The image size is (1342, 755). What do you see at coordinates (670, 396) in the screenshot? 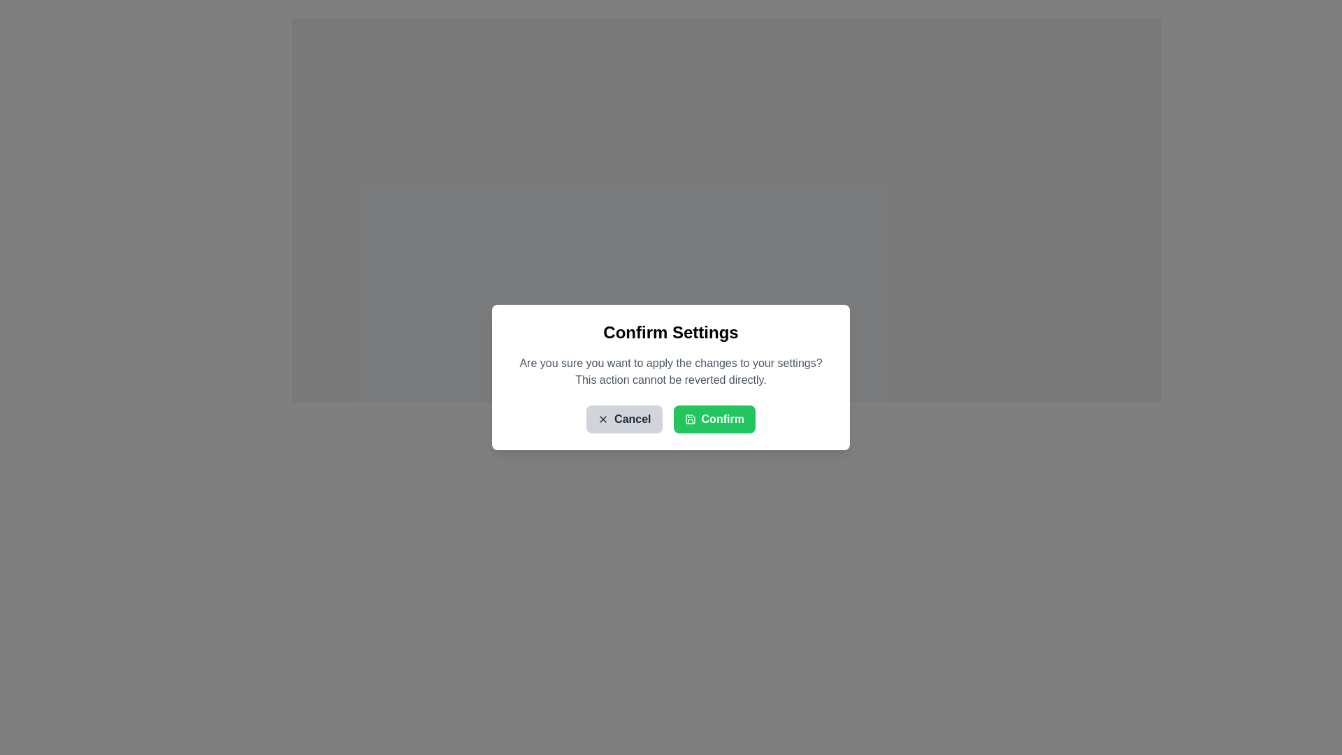
I see `the settings icon, which is a minimalistic gear wheel icon located to the left of the 'Open Settings Panel' button, centered vertically within the button` at bounding box center [670, 396].